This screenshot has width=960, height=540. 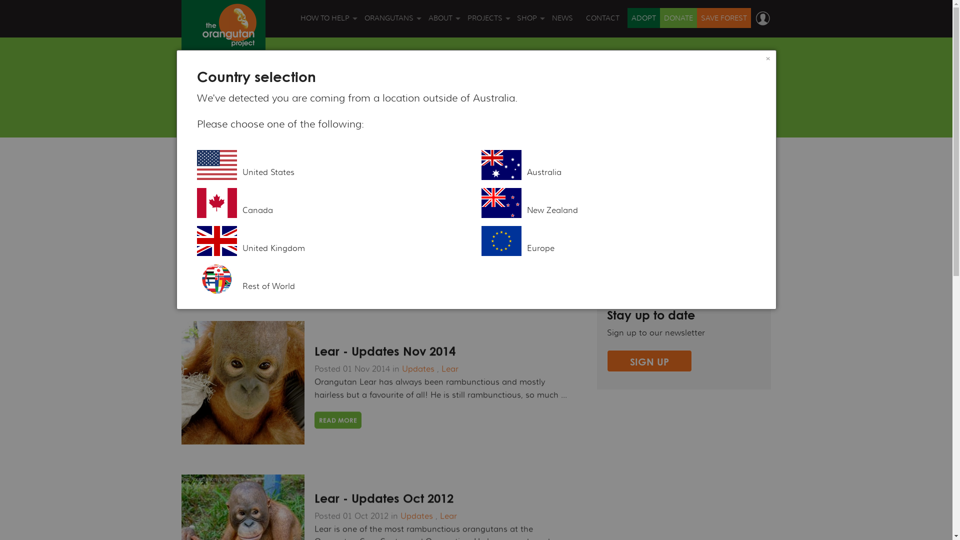 What do you see at coordinates (389, 100) in the screenshot?
I see `'ORANGUTAN VIDEOS'` at bounding box center [389, 100].